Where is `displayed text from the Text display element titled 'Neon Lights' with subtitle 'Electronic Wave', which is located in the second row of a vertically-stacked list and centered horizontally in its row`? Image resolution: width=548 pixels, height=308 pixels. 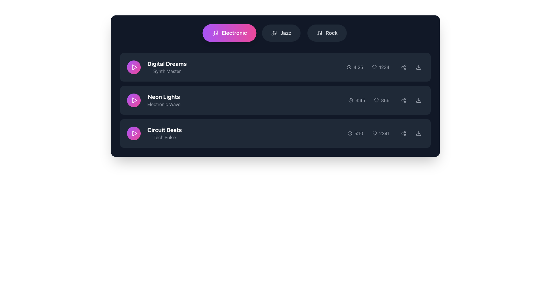 displayed text from the Text display element titled 'Neon Lights' with subtitle 'Electronic Wave', which is located in the second row of a vertically-stacked list and centered horizontally in its row is located at coordinates (164, 100).